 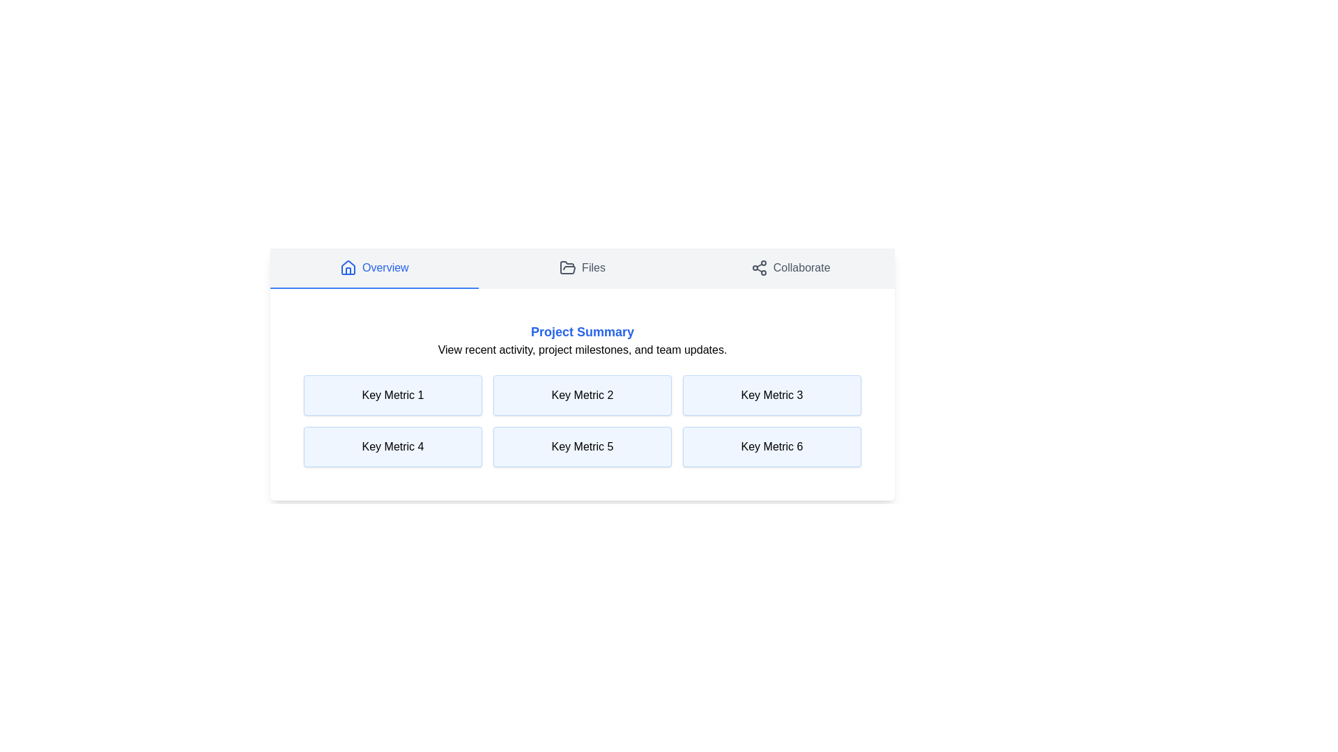 I want to click on the share icon located at the leftmost position within the 'Collaborate' menu tab, positioned at the top-right corner of the interface, beside the text 'Collaborate', so click(x=758, y=268).